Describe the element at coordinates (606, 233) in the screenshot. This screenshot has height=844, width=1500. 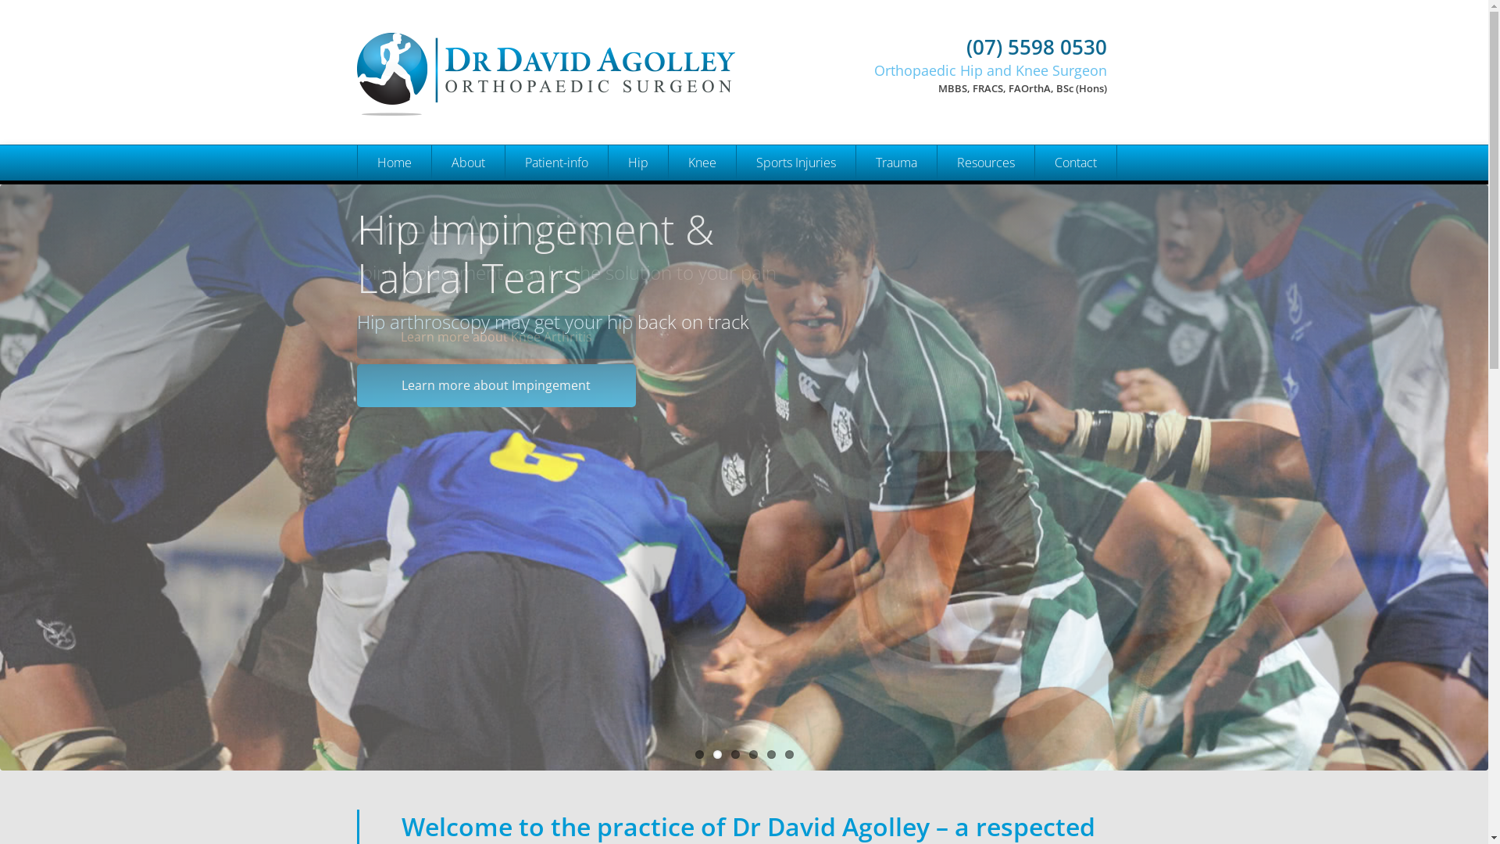
I see `'Hip Replacement'` at that location.